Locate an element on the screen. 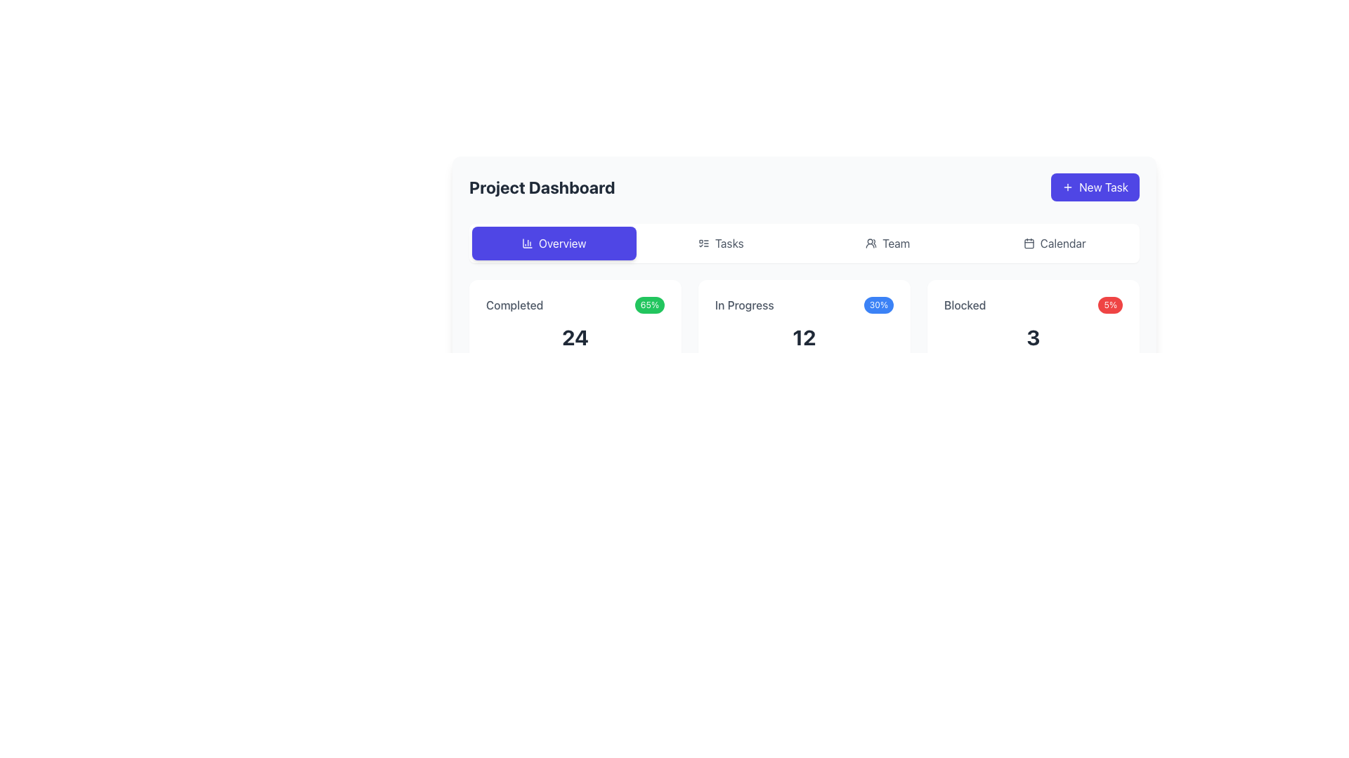 Image resolution: width=1349 pixels, height=758 pixels. the text element that displays 'Project Dashboard', which is bold and large-sized, located near the top-left section of the interface is located at coordinates (541, 186).